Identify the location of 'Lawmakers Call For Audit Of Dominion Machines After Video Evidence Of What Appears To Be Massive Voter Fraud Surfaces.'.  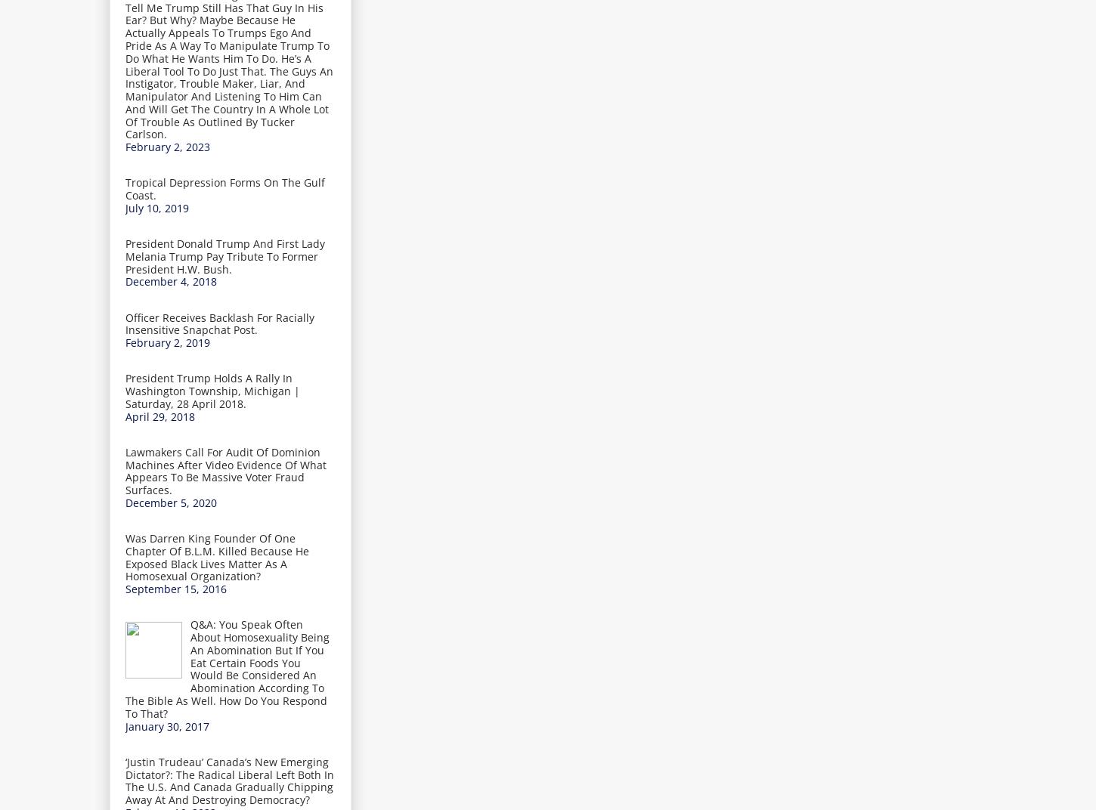
(225, 471).